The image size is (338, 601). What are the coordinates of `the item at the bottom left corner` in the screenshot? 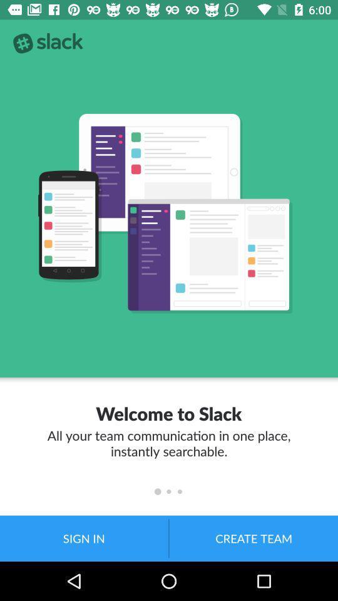 It's located at (84, 538).